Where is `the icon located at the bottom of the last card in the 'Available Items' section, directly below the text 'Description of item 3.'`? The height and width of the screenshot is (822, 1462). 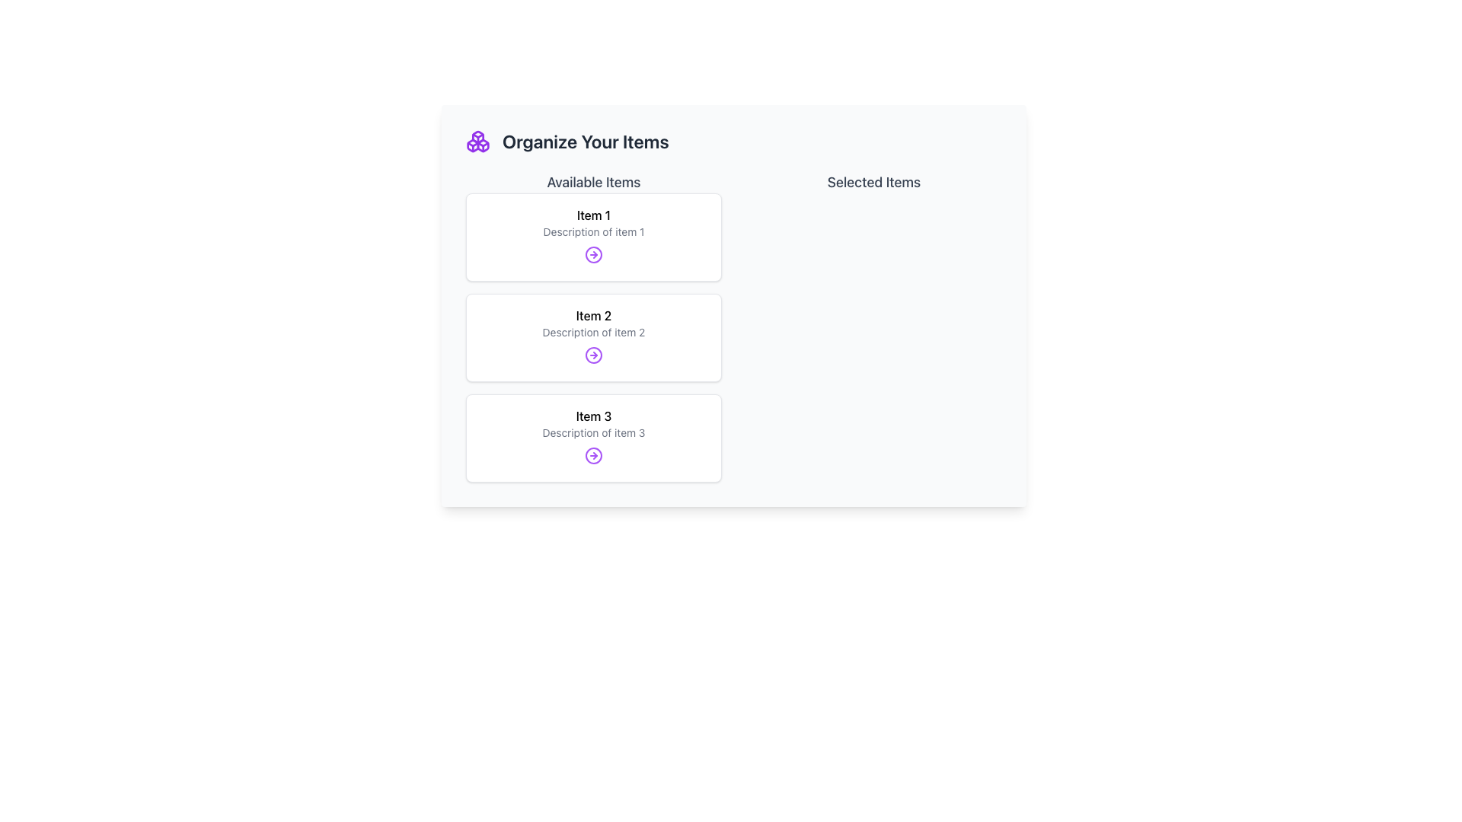
the icon located at the bottom of the last card in the 'Available Items' section, directly below the text 'Description of item 3.' is located at coordinates (592, 454).